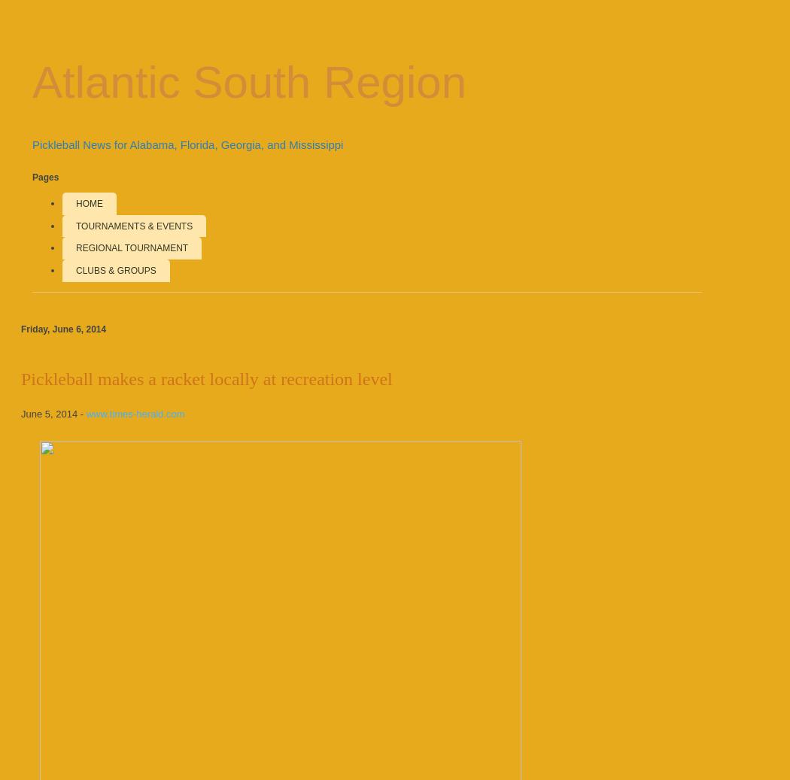  Describe the element at coordinates (88, 202) in the screenshot. I see `'HOME'` at that location.